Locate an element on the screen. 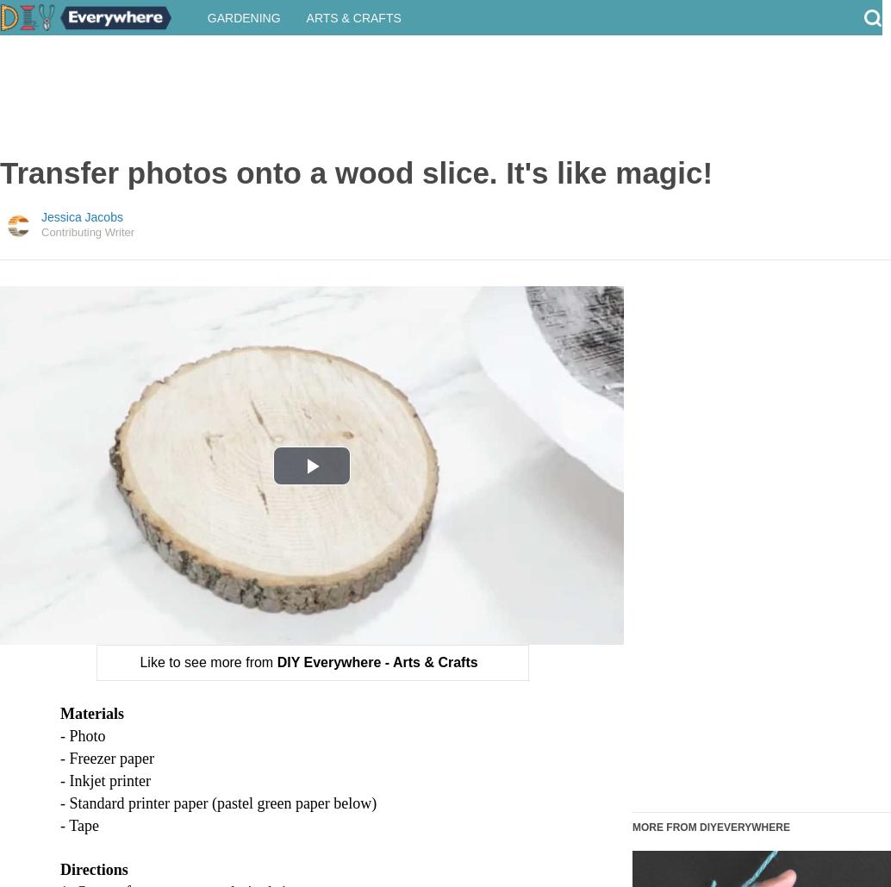  'More From DIYEverywhere' is located at coordinates (710, 842).